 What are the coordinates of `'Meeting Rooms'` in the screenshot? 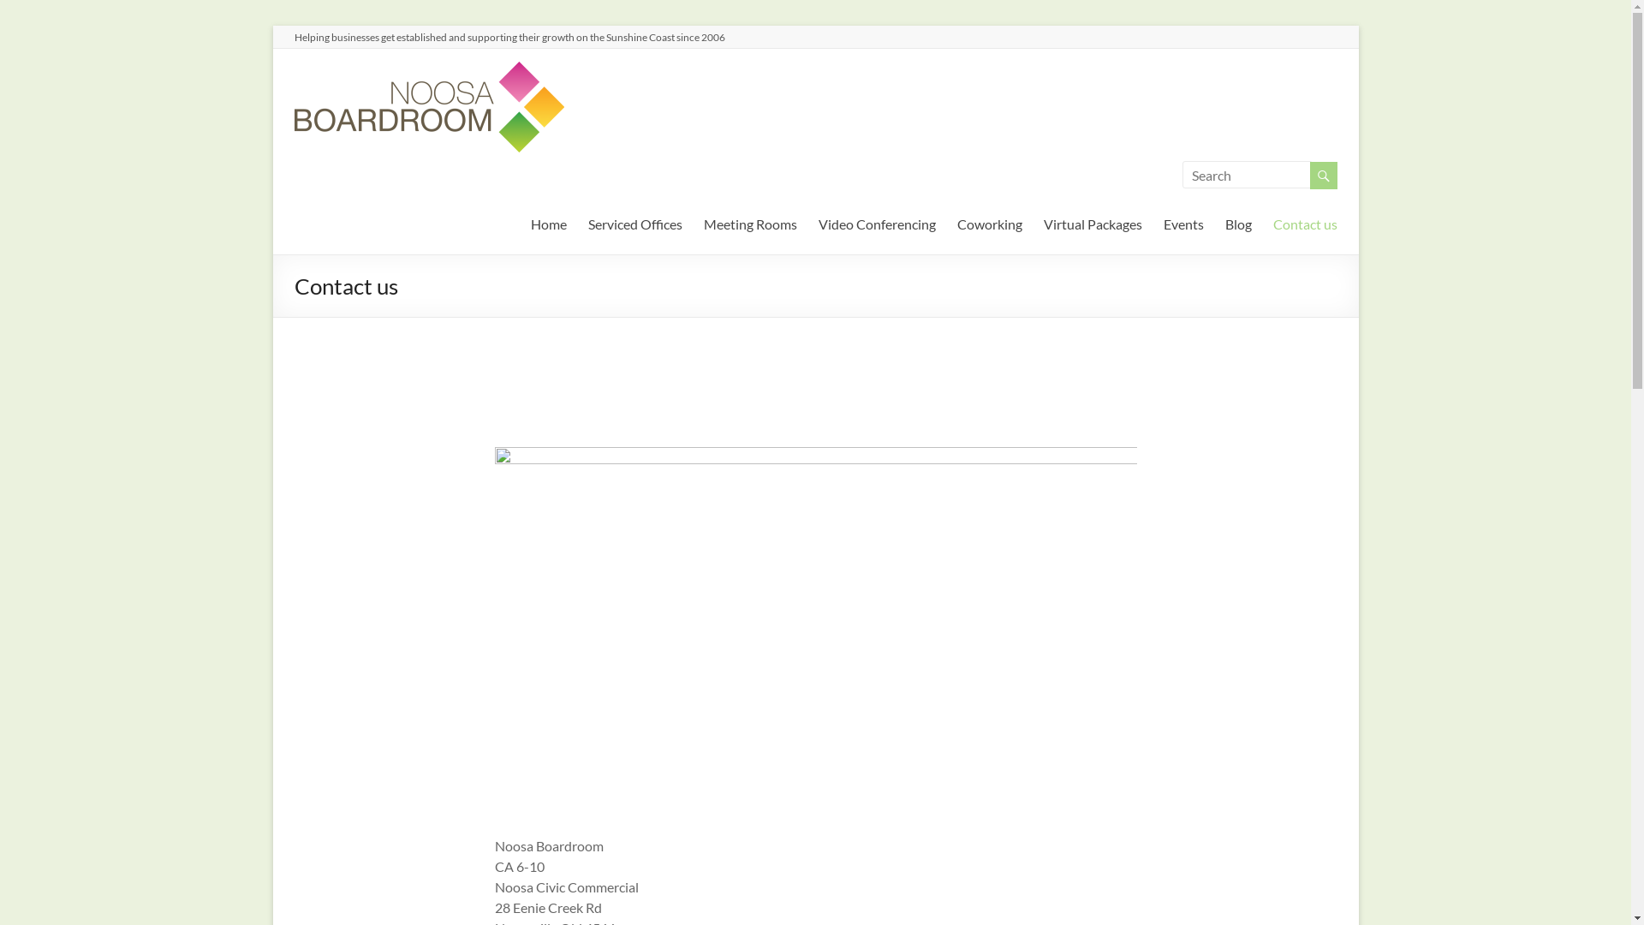 It's located at (750, 220).